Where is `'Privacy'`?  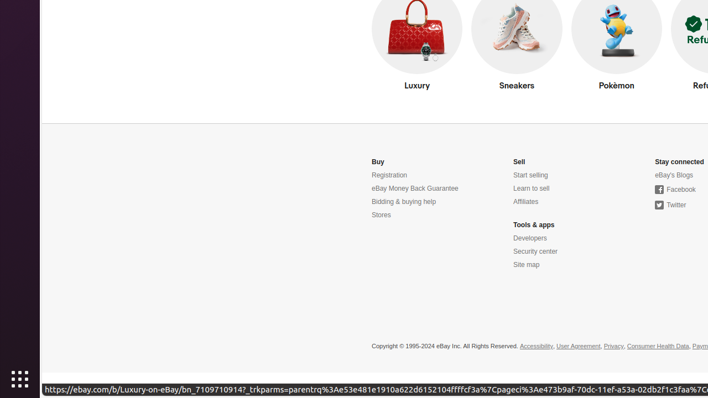
'Privacy' is located at coordinates (613, 345).